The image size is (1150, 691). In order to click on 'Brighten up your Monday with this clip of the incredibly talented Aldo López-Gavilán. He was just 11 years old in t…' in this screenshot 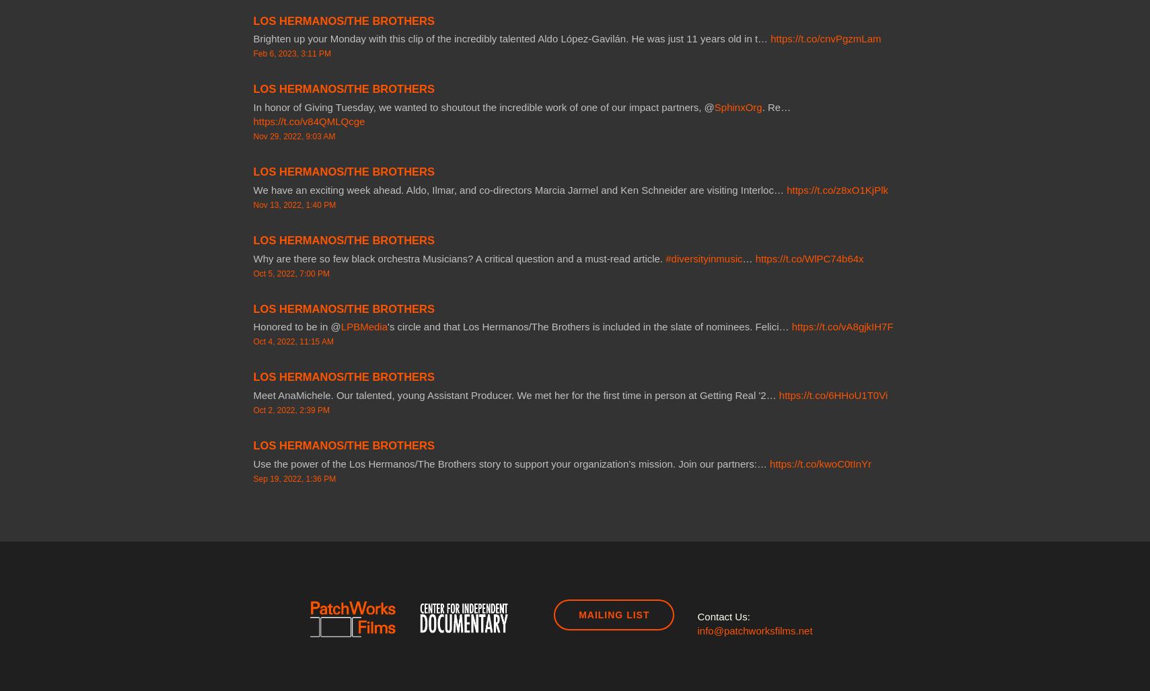, I will do `click(511, 38)`.